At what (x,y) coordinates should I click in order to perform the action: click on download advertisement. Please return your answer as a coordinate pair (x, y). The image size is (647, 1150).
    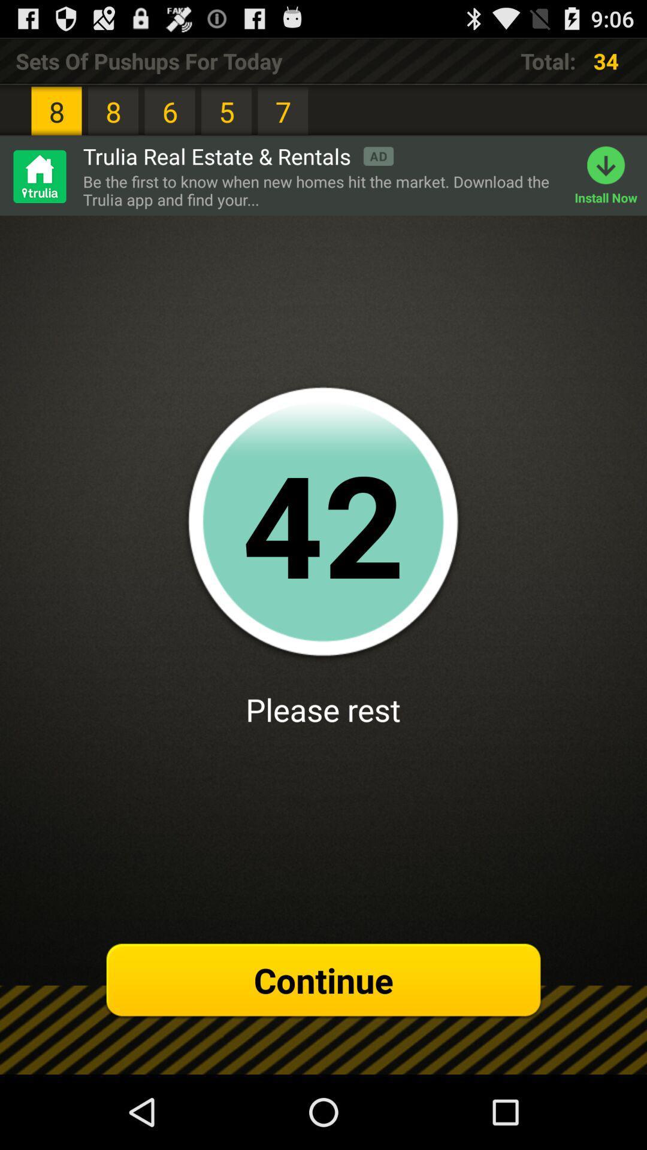
    Looking at the image, I should click on (38, 175).